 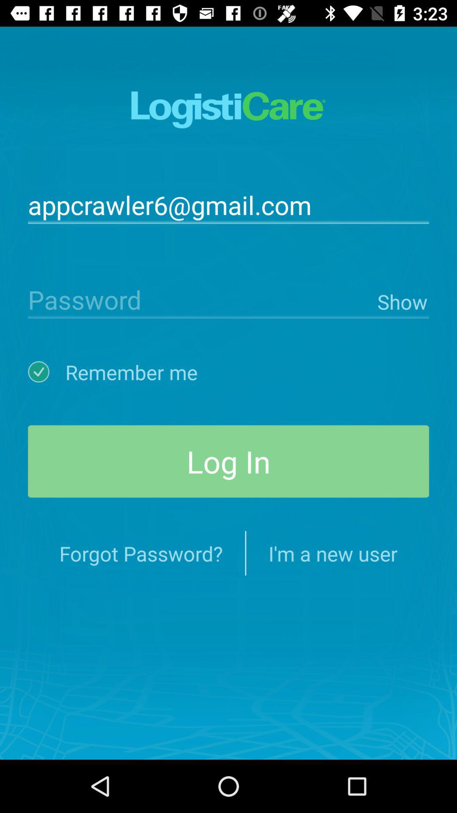 I want to click on password type option, so click(x=201, y=299).